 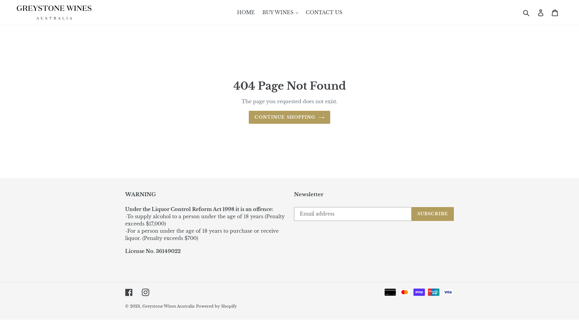 I want to click on 'Log in', so click(x=541, y=12).